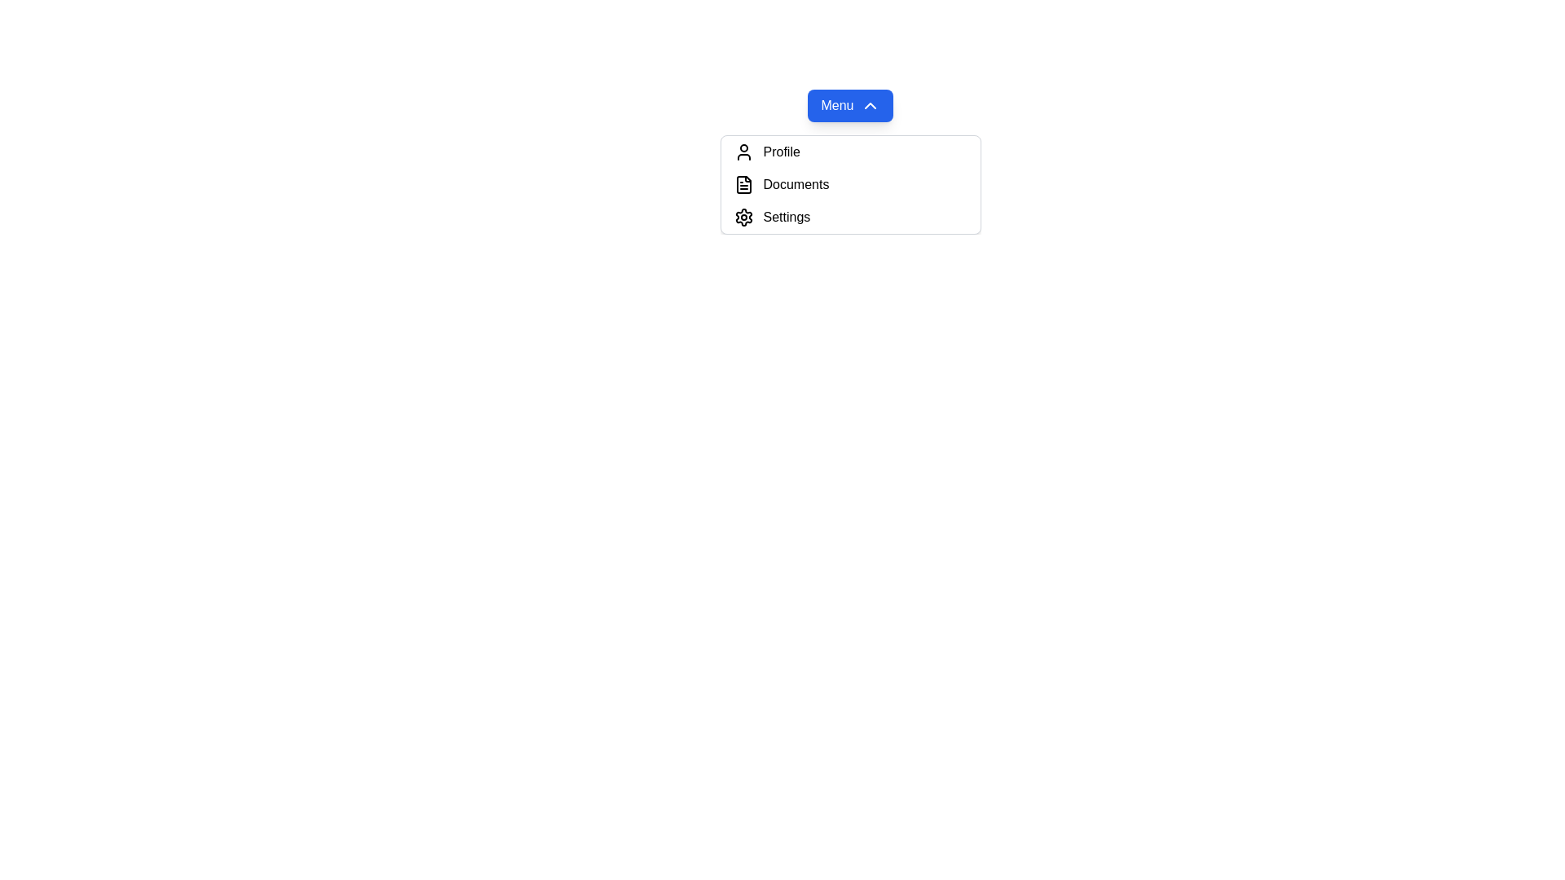  I want to click on the second item in the dropdown menu, which is positioned between 'Profile' and 'Settings' and relates to 'Documents', so click(849, 184).